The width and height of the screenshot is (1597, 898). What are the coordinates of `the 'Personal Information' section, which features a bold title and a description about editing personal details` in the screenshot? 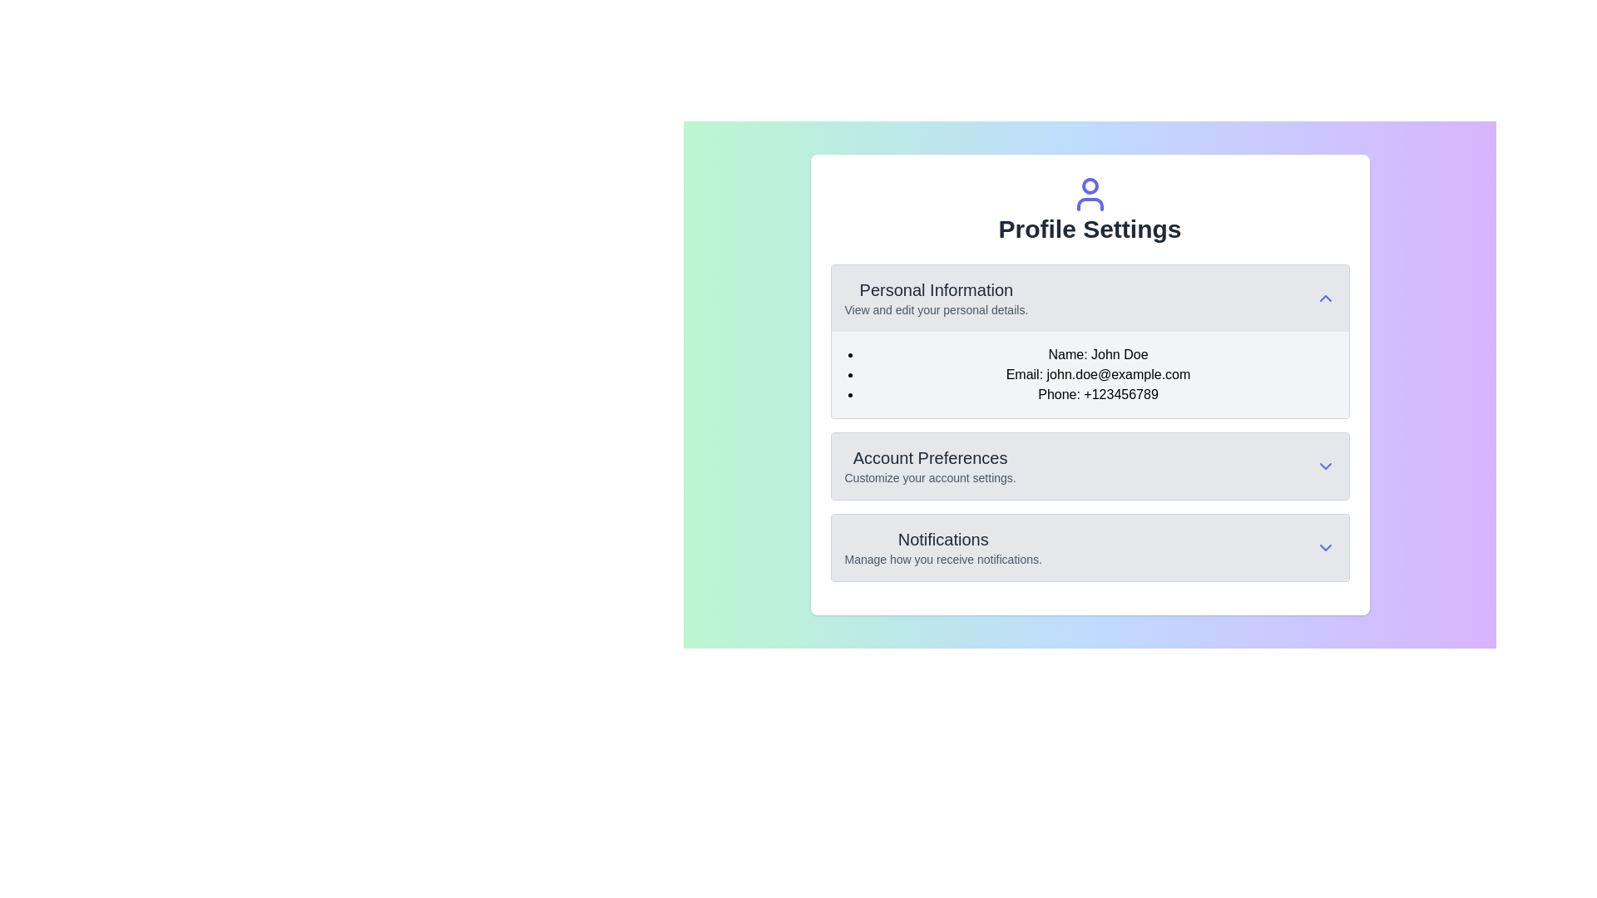 It's located at (936, 297).